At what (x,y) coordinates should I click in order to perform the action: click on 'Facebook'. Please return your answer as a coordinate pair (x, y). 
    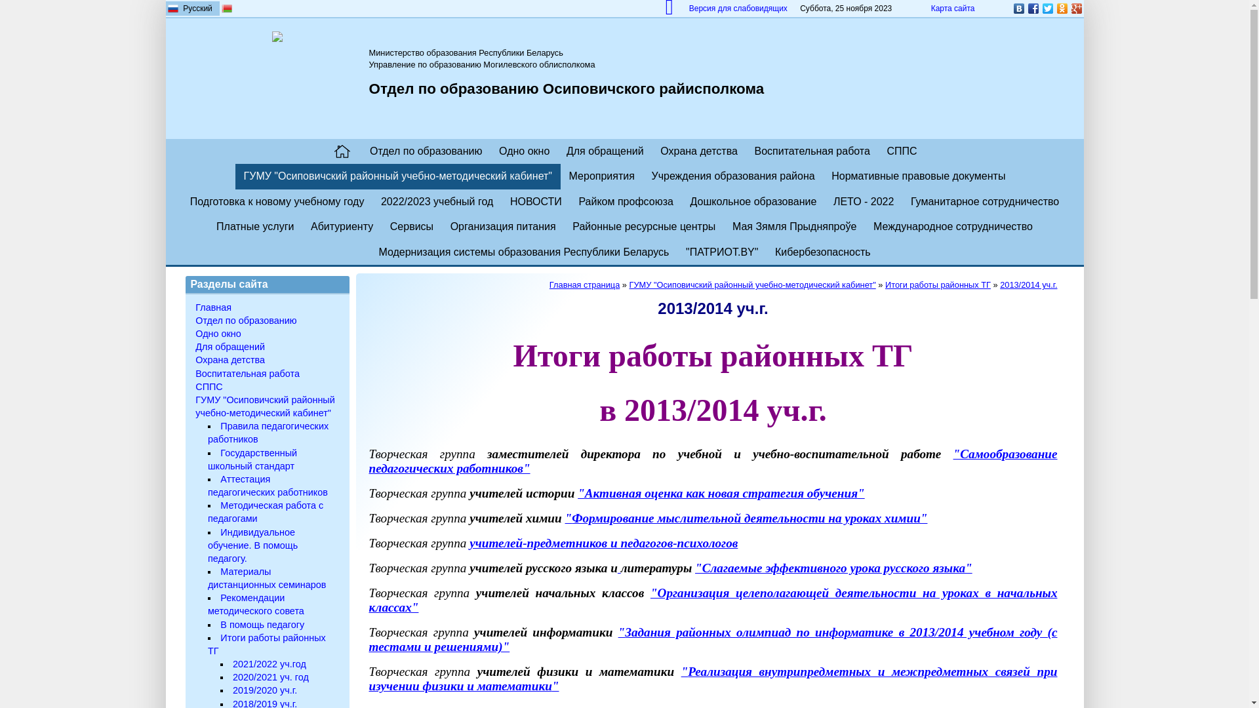
    Looking at the image, I should click on (1025, 8).